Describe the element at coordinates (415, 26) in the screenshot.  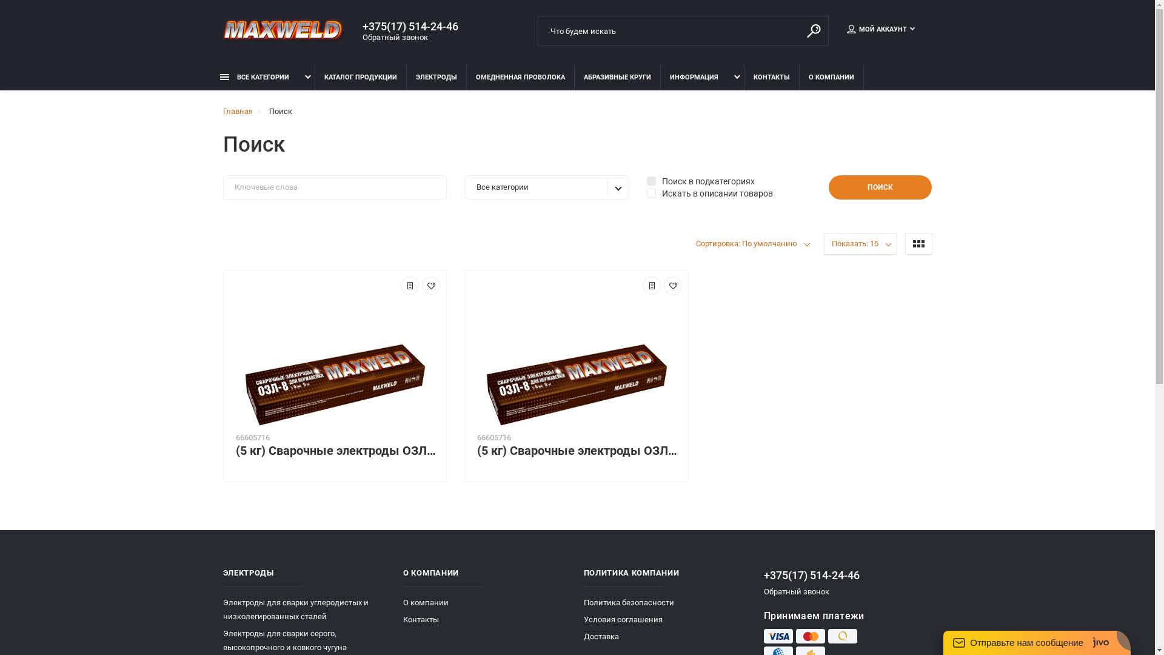
I see `'+375(17) 514-24-46'` at that location.